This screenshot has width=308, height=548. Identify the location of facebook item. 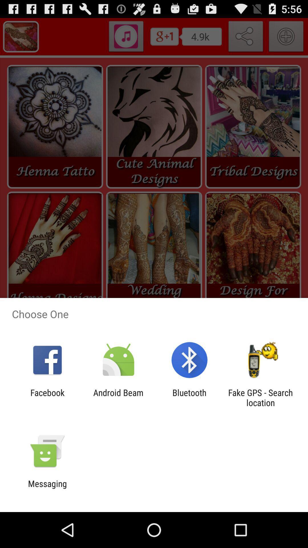
(47, 397).